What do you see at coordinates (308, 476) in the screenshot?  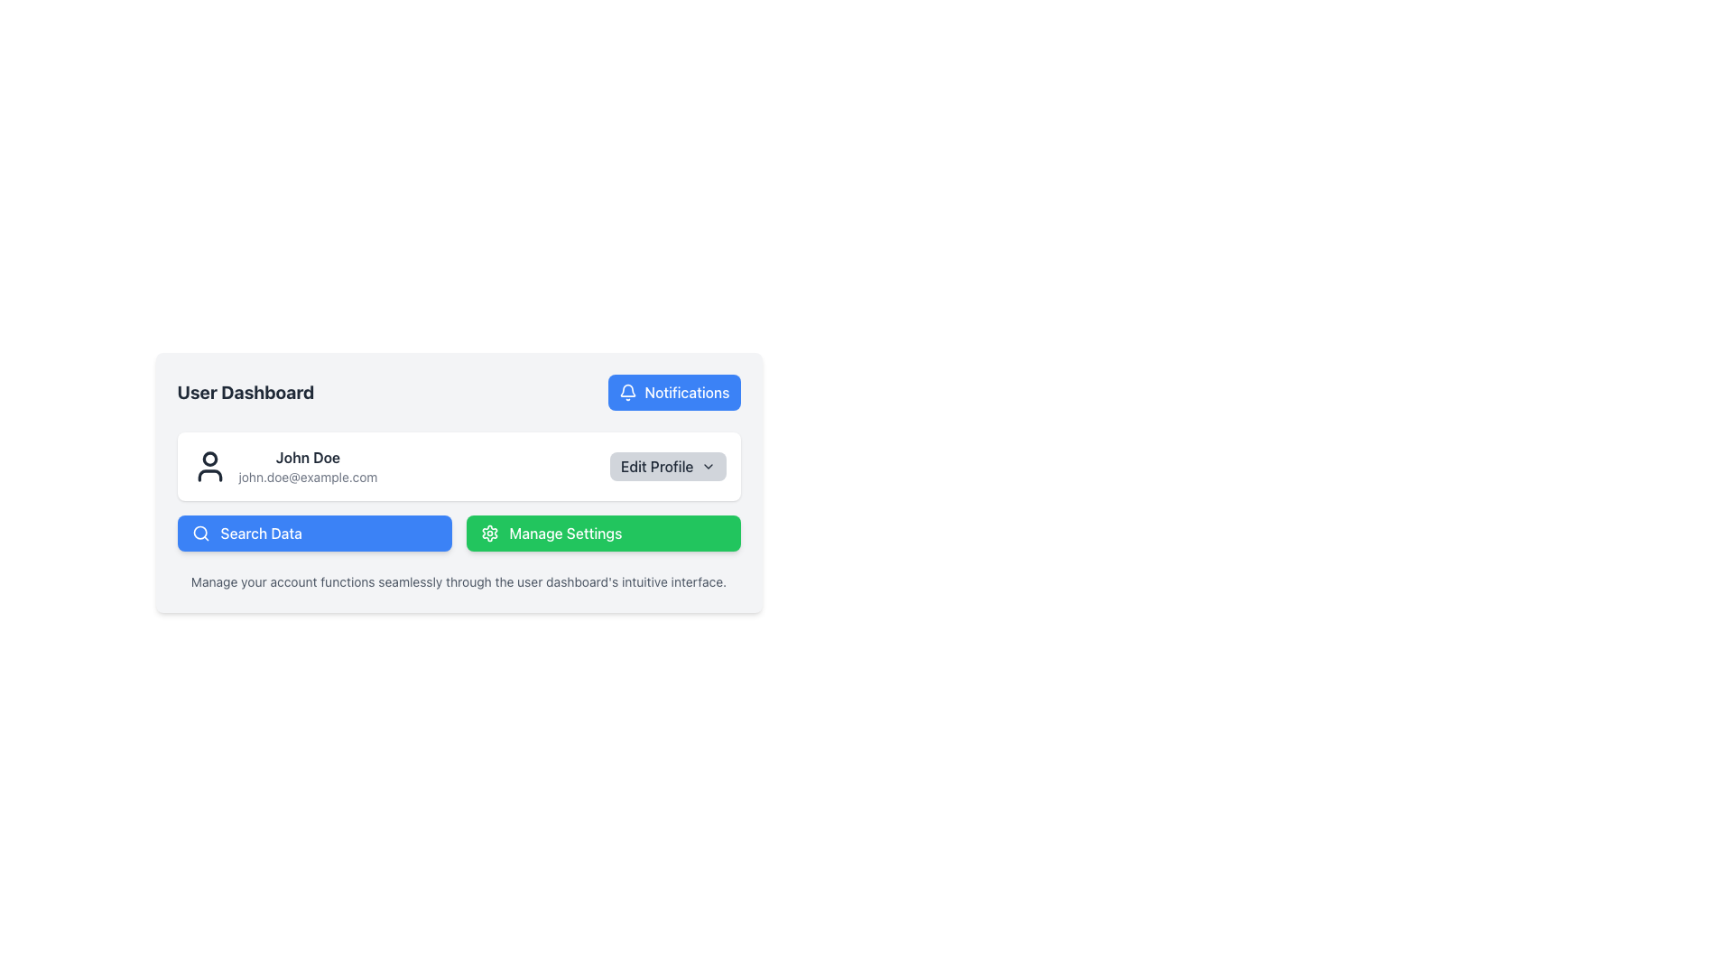 I see `the email address label in the user profile section, which is positioned beneath 'John Doe' and aligned with the left margin` at bounding box center [308, 476].